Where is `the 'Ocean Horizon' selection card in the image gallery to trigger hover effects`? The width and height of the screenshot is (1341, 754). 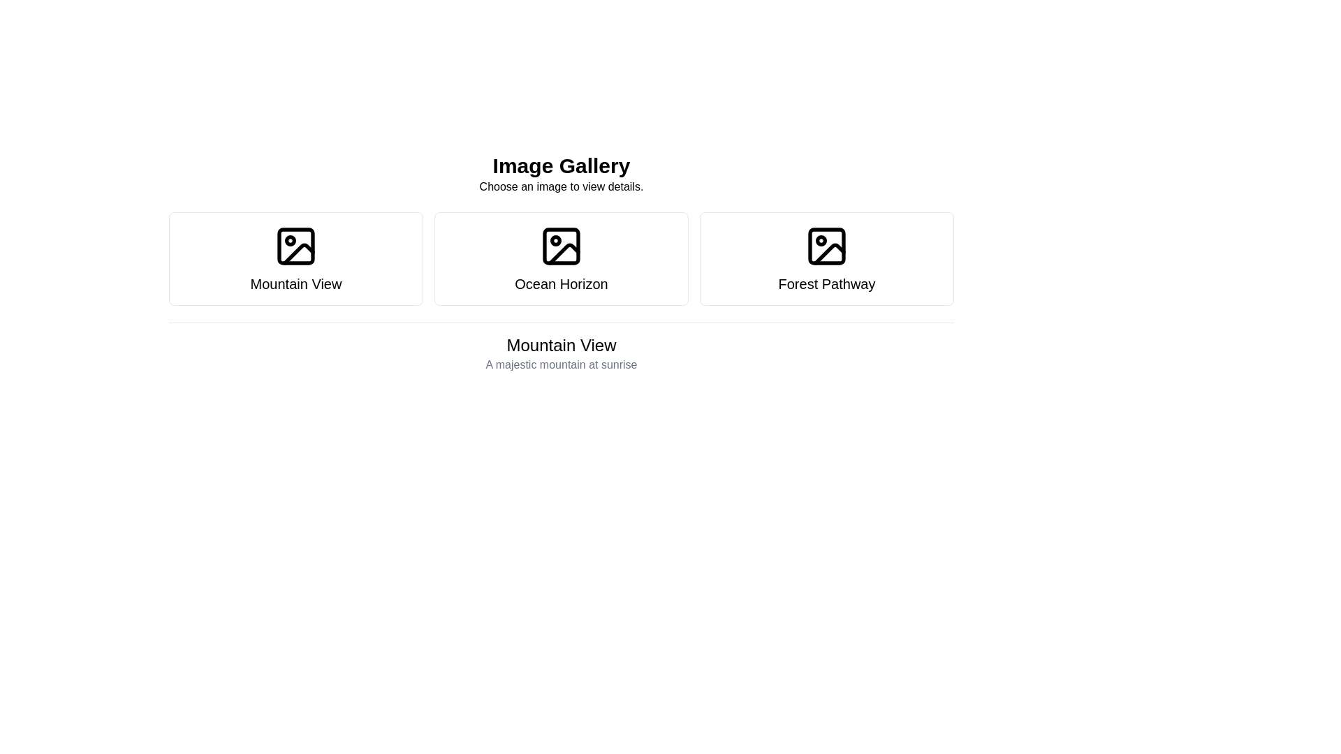 the 'Ocean Horizon' selection card in the image gallery to trigger hover effects is located at coordinates (562, 258).